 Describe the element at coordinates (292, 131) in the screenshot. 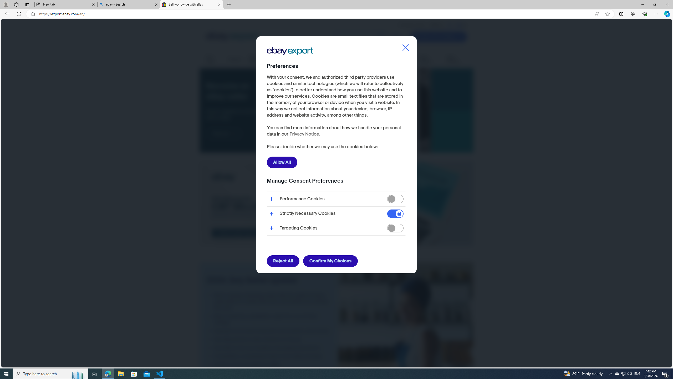

I see `'here'` at that location.